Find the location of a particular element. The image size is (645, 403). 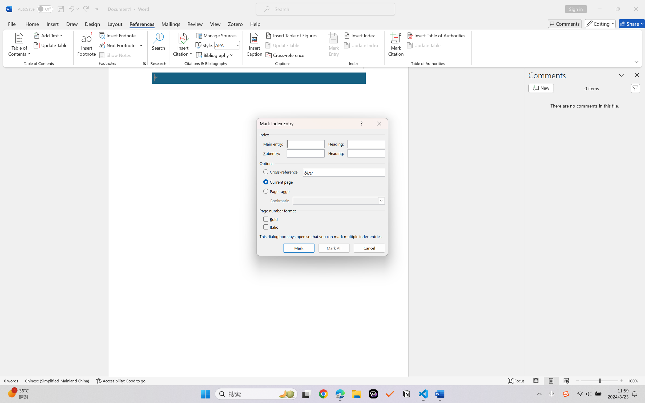

'Insert Table of Figures...' is located at coordinates (292, 35).